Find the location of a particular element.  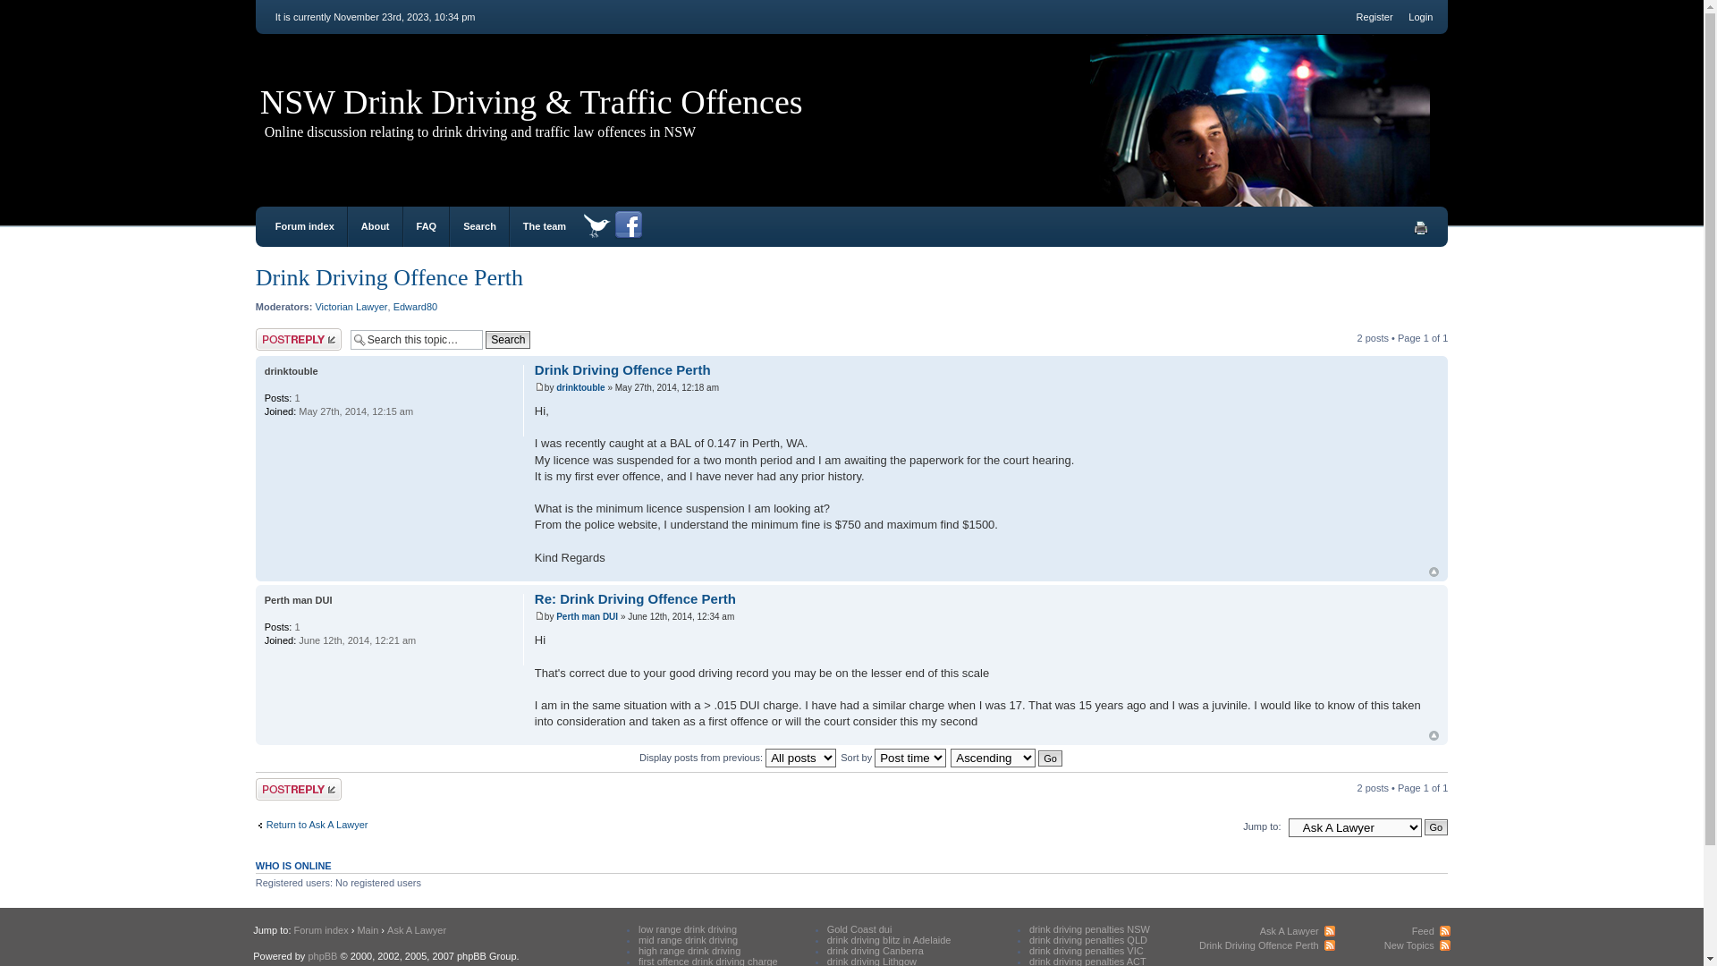

'Perth man DUI' is located at coordinates (264, 600).